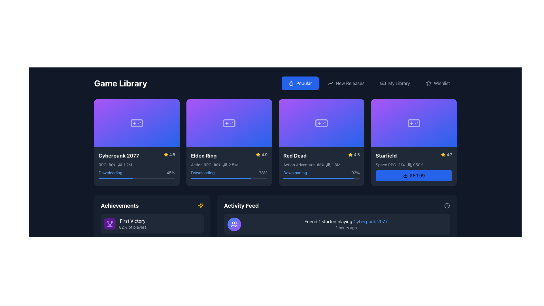 The width and height of the screenshot is (544, 306). Describe the element at coordinates (289, 178) in the screenshot. I see `the download progress` at that location.